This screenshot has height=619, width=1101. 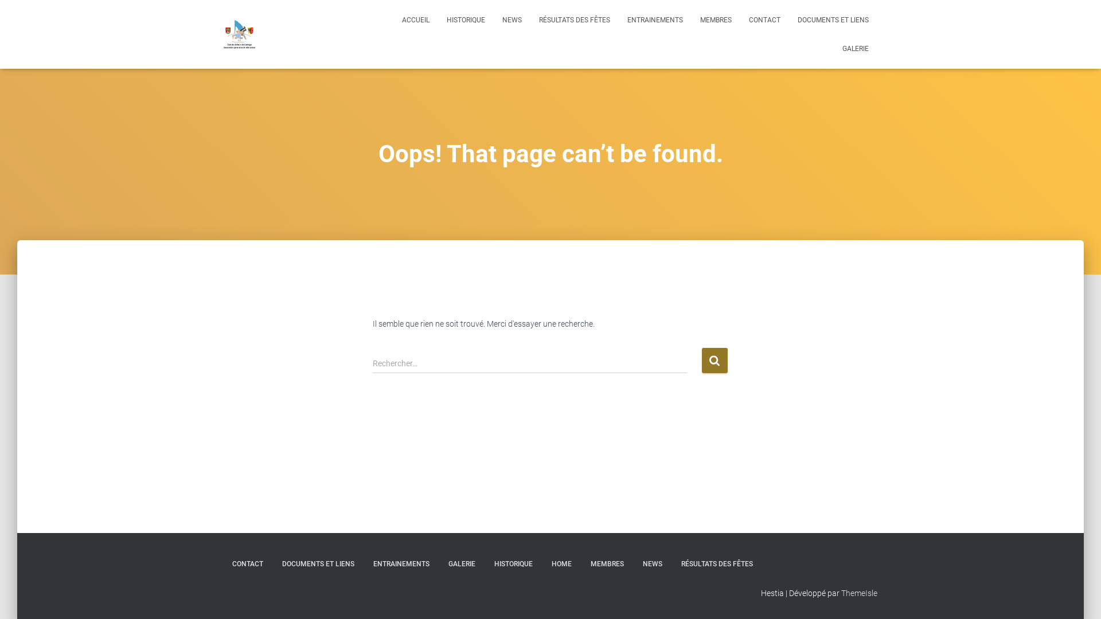 What do you see at coordinates (247, 563) in the screenshot?
I see `'CONTACT'` at bounding box center [247, 563].